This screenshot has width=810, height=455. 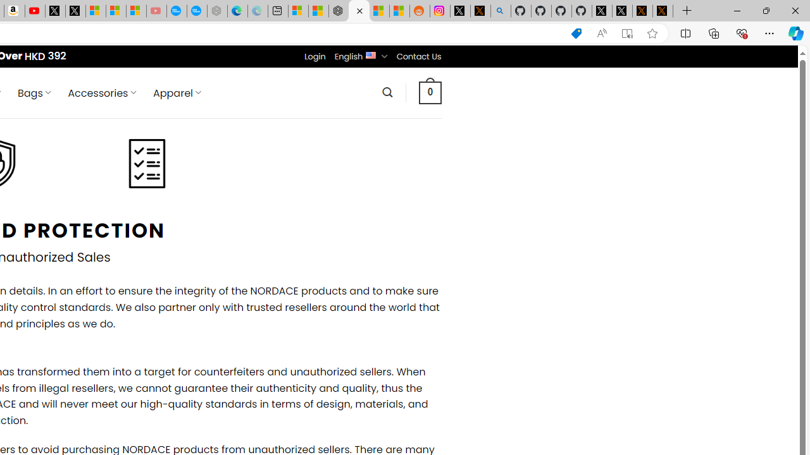 What do you see at coordinates (430, 92) in the screenshot?
I see `'  0  '` at bounding box center [430, 92].